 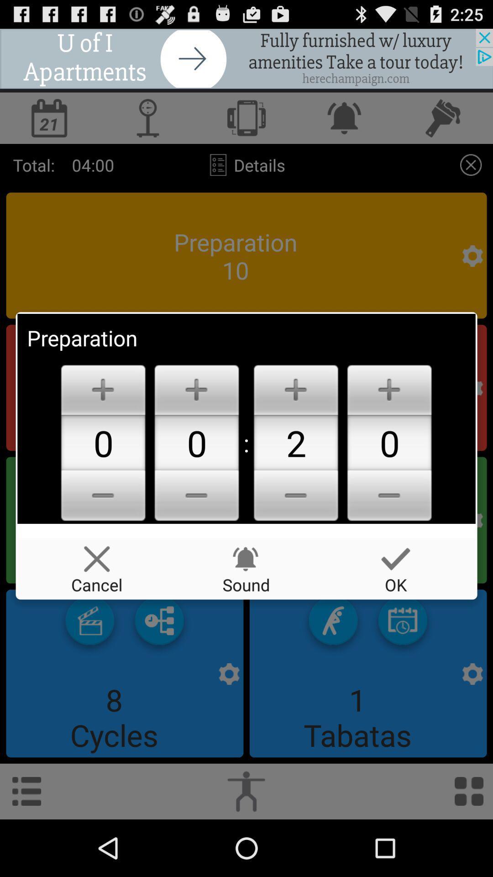 What do you see at coordinates (159, 668) in the screenshot?
I see `the national_flag icon` at bounding box center [159, 668].